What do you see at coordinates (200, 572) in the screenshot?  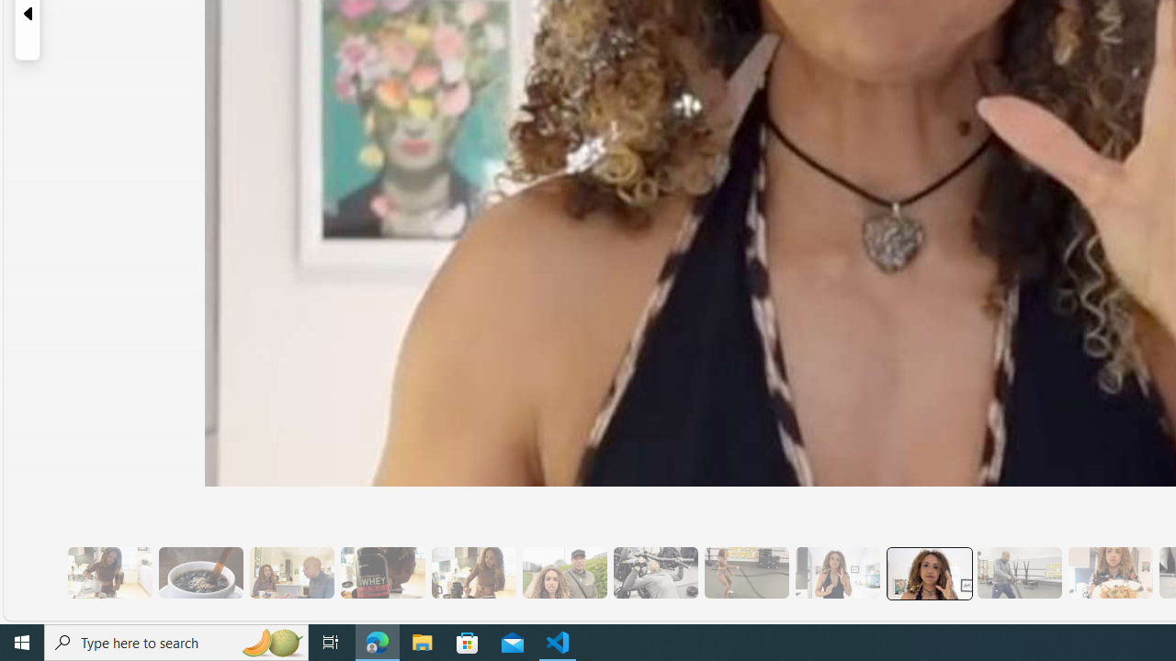 I see `'8 Be Mindful of Coffee'` at bounding box center [200, 572].